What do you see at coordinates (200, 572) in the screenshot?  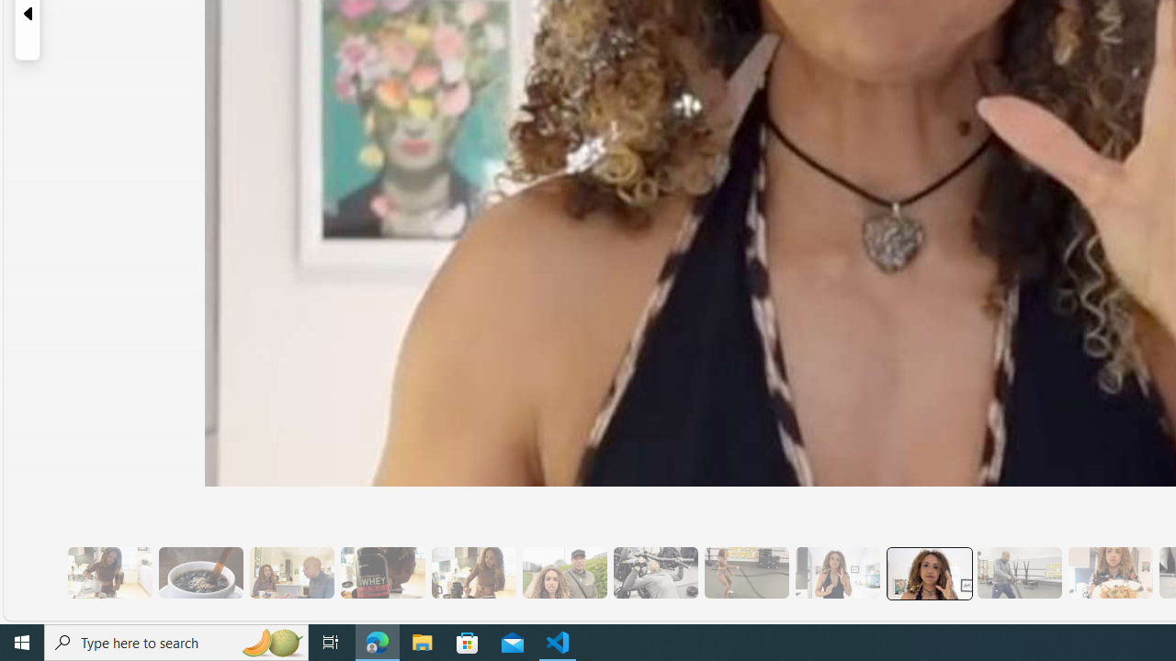 I see `'8 Be Mindful of Coffee'` at bounding box center [200, 572].